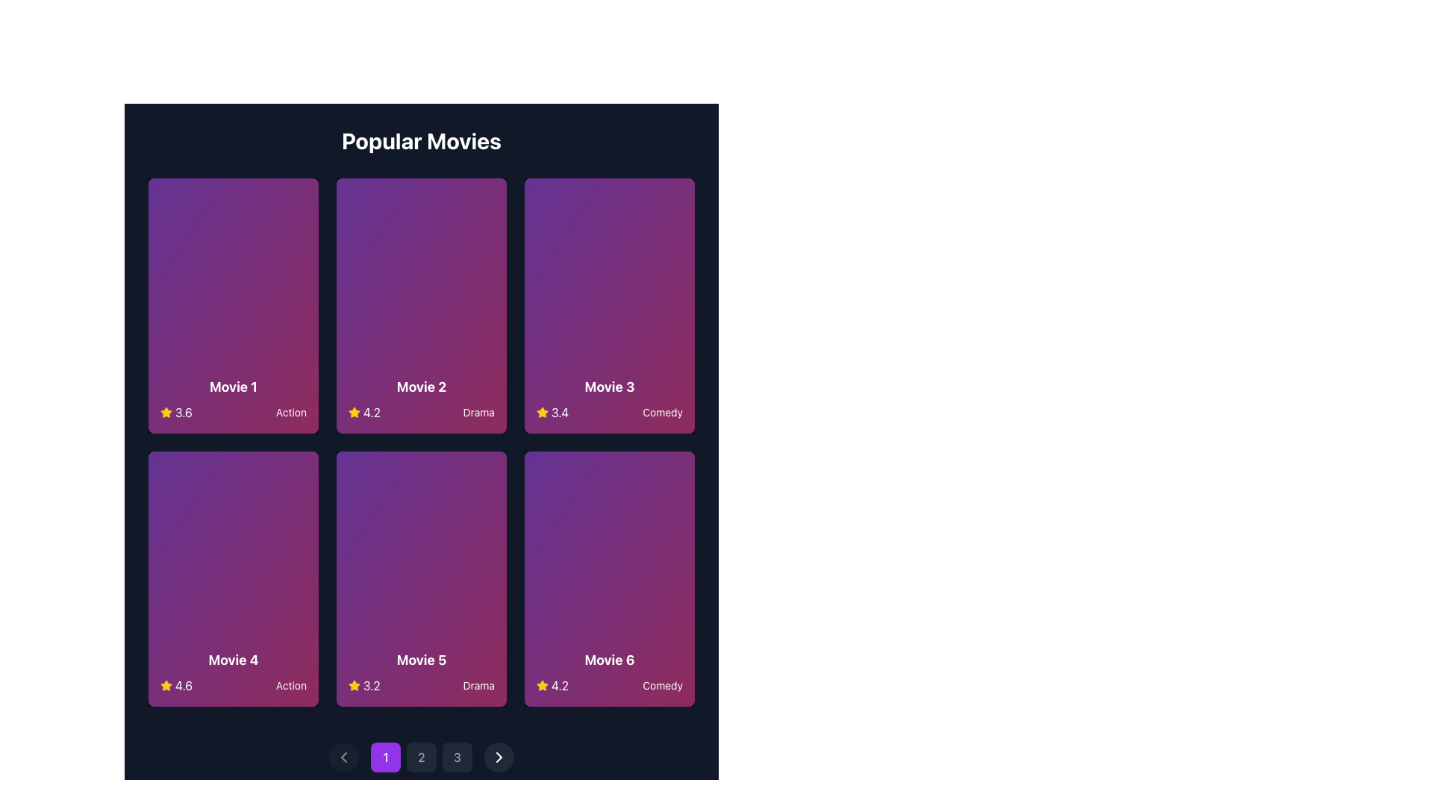  Describe the element at coordinates (662, 412) in the screenshot. I see `the text label displaying 'Comedy', styled in white font, located in the top-right card of the grid layout, below 'Movie 3', to the right of the rating value and star icon` at that location.